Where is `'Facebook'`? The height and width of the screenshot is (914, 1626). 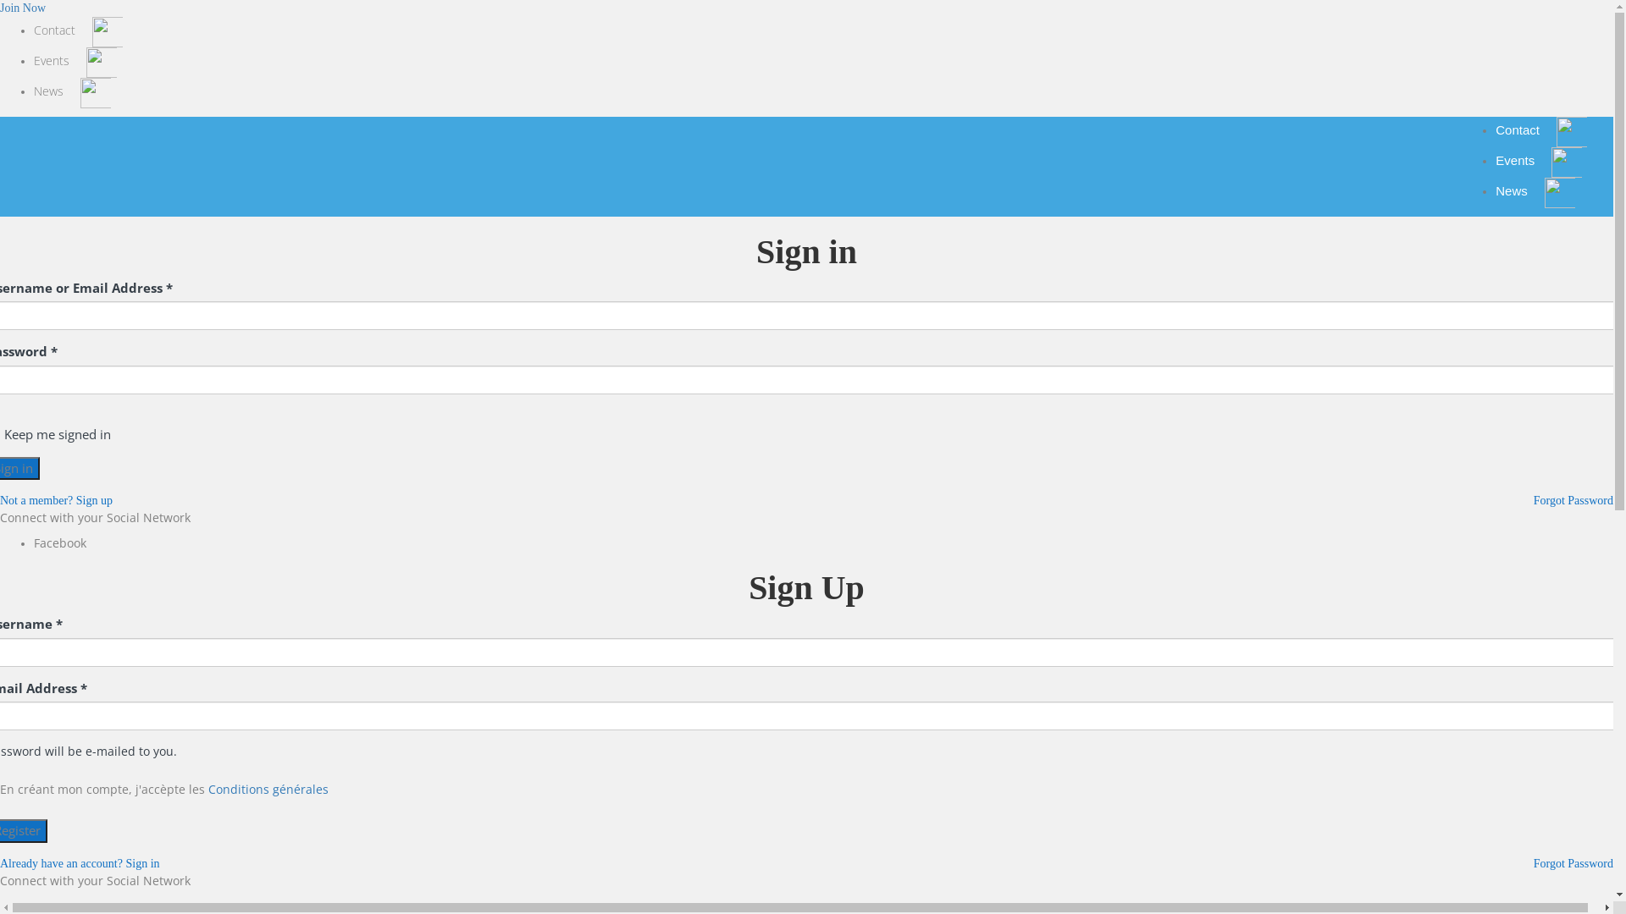
'Facebook' is located at coordinates (33, 542).